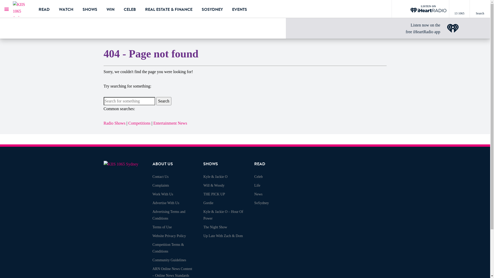  Describe the element at coordinates (254, 194) in the screenshot. I see `'News'` at that location.